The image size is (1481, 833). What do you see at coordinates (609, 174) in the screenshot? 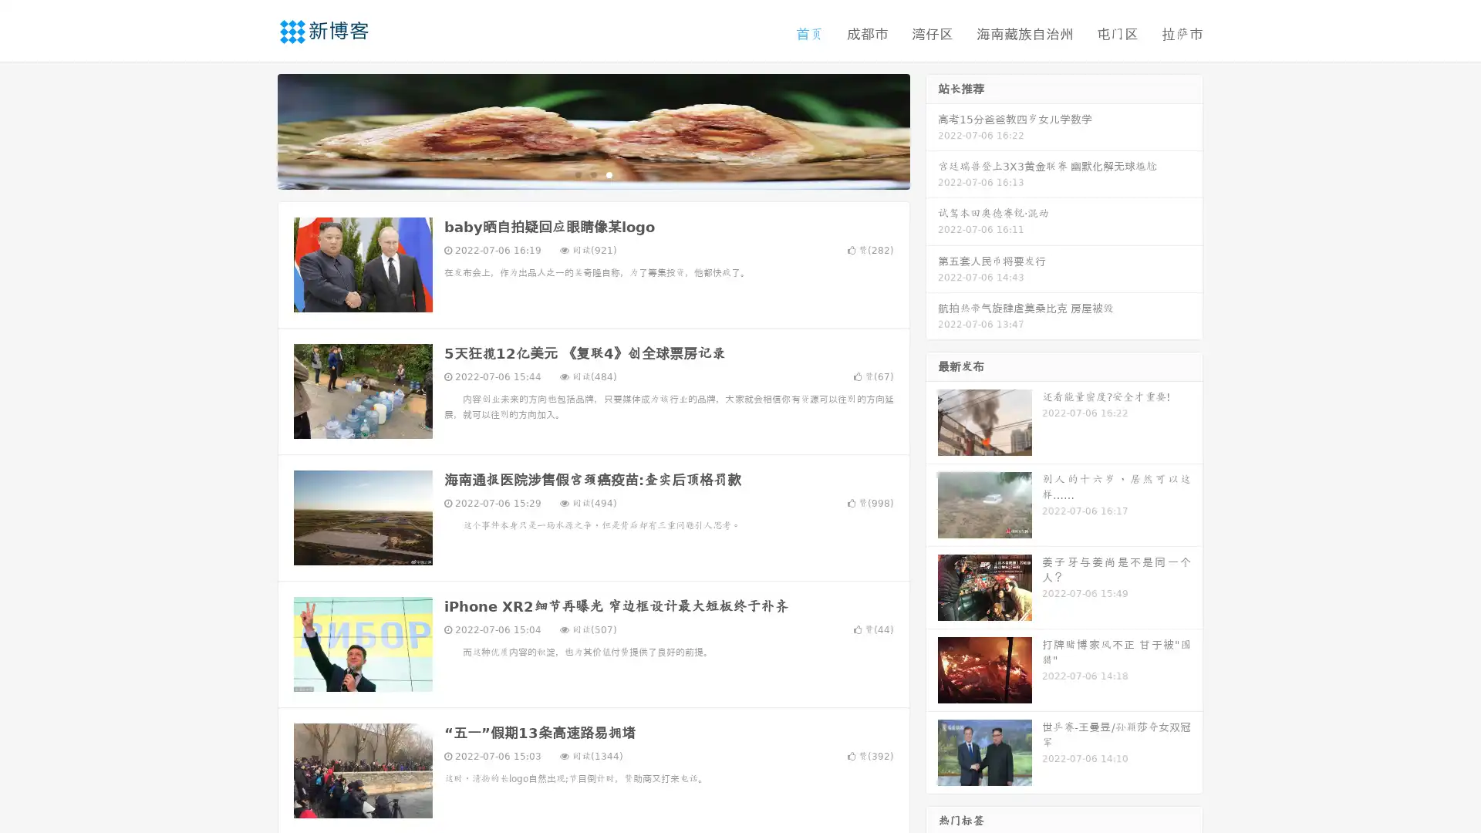
I see `Go to slide 3` at bounding box center [609, 174].